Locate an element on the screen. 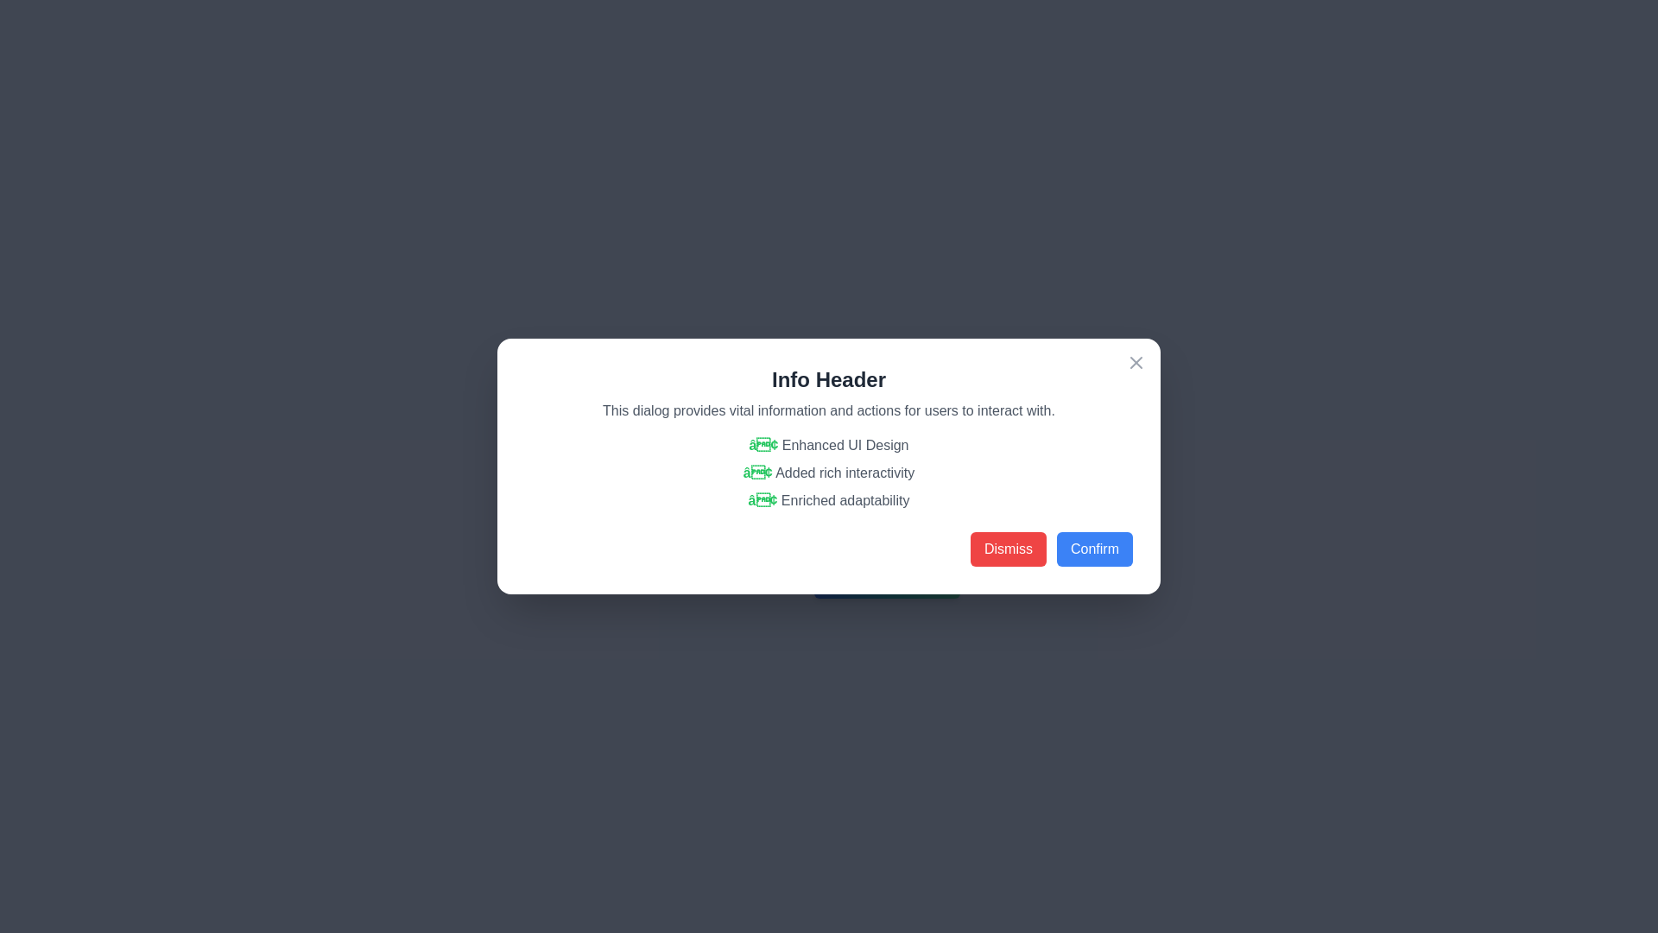  the design of the bullet point that indicates the list item 'Enhanced UI Design', located at the top of the modal dialog, aligned to the left of the text is located at coordinates (763, 444).